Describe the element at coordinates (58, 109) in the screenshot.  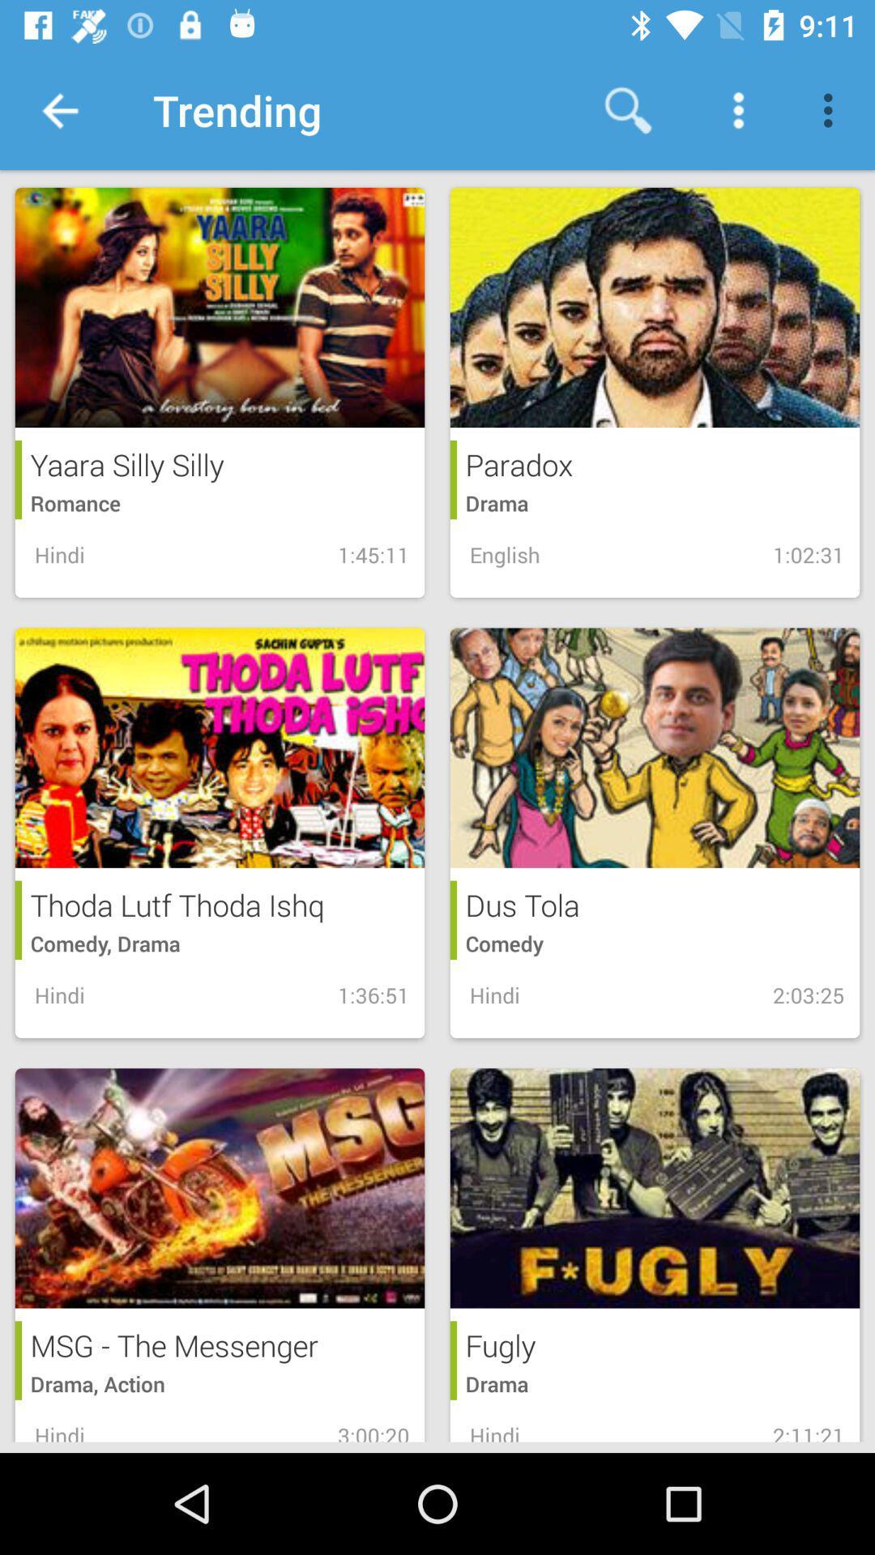
I see `the app to the left of the trending  app` at that location.